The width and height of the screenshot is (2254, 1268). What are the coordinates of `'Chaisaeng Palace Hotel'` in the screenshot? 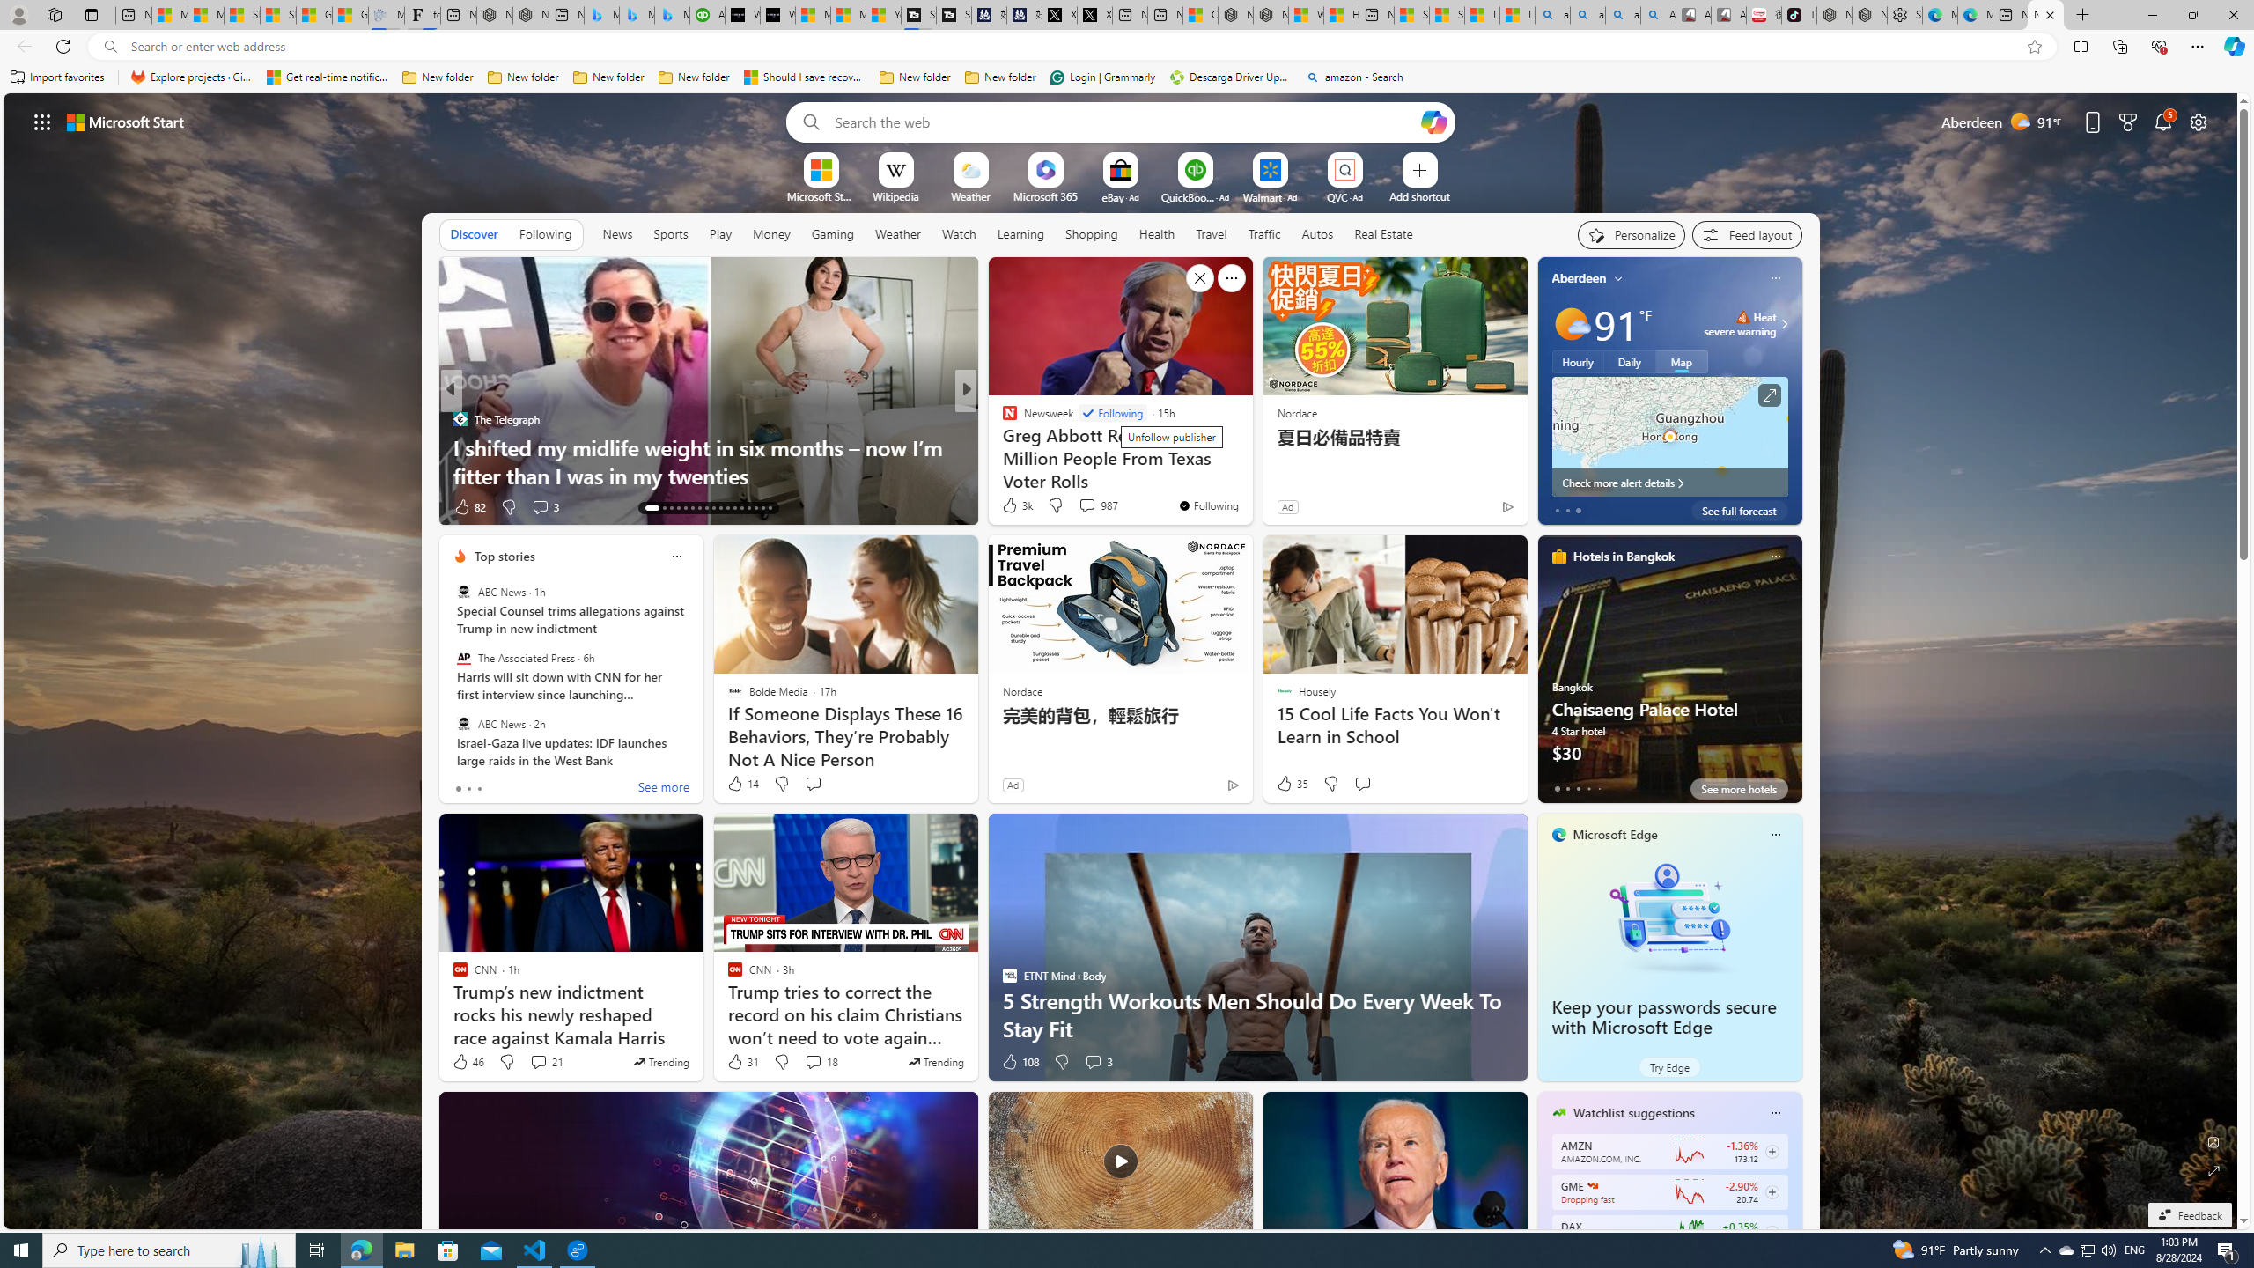 It's located at (1668, 675).